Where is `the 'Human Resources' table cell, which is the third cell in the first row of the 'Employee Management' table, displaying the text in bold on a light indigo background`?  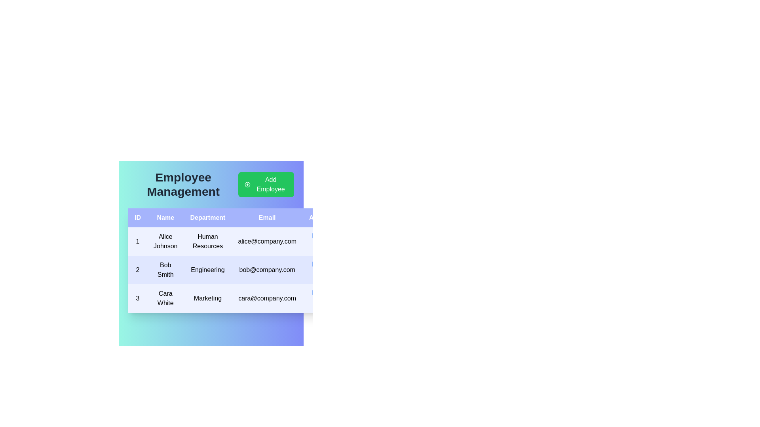
the 'Human Resources' table cell, which is the third cell in the first row of the 'Employee Management' table, displaying the text in bold on a light indigo background is located at coordinates (207, 241).